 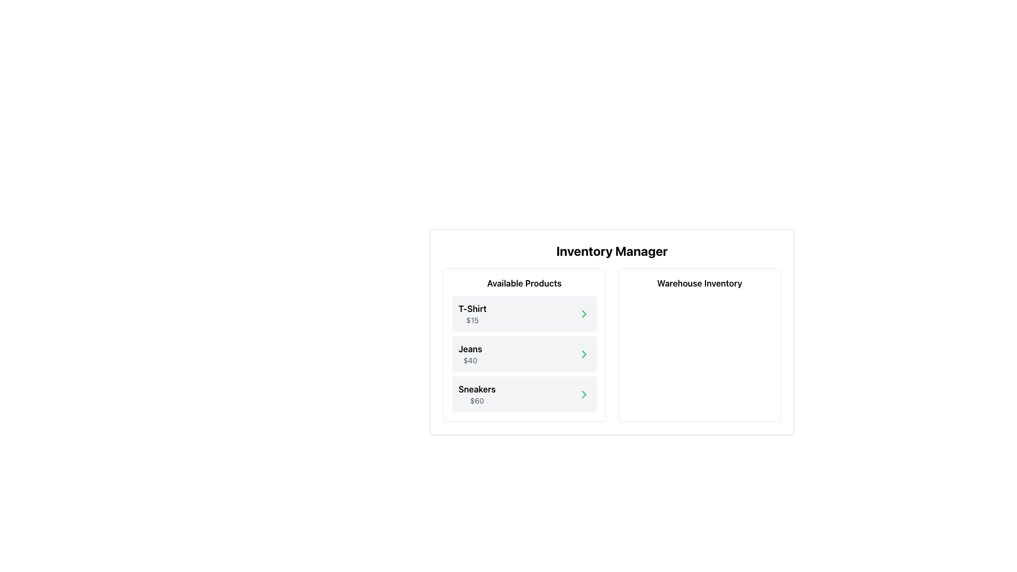 What do you see at coordinates (583, 314) in the screenshot?
I see `the interactive icon located on the far-right side of the 'T-Shirt $15' row under the 'Available Products' section` at bounding box center [583, 314].